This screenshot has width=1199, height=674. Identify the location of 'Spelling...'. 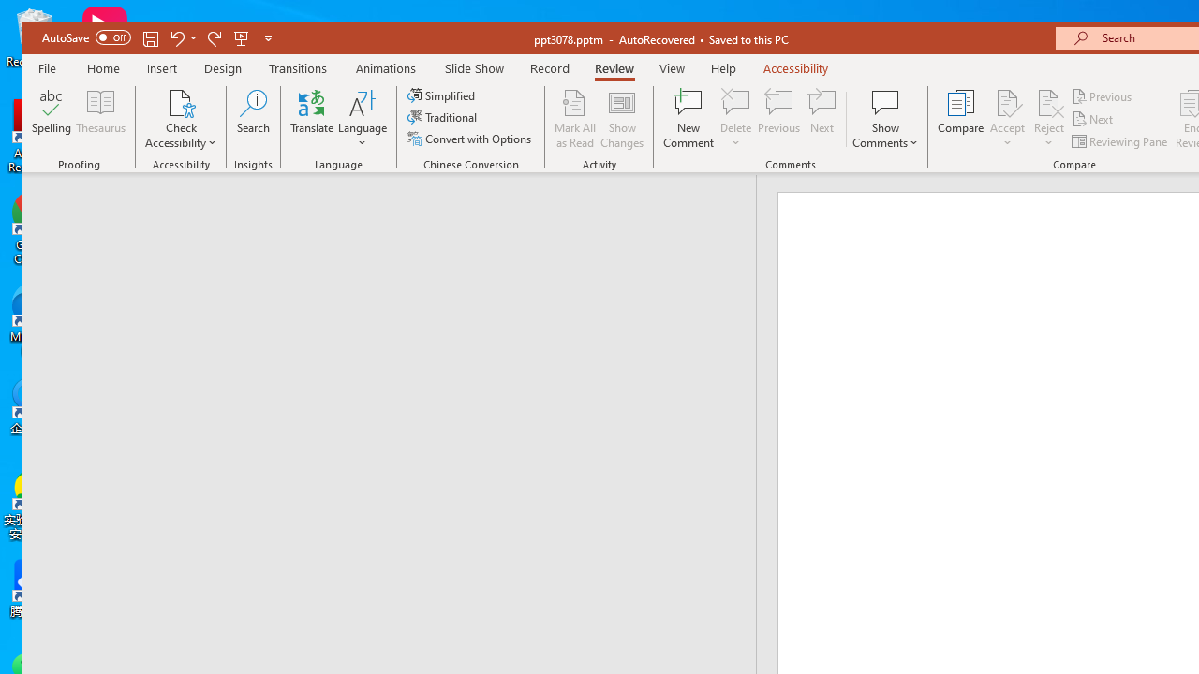
(52, 119).